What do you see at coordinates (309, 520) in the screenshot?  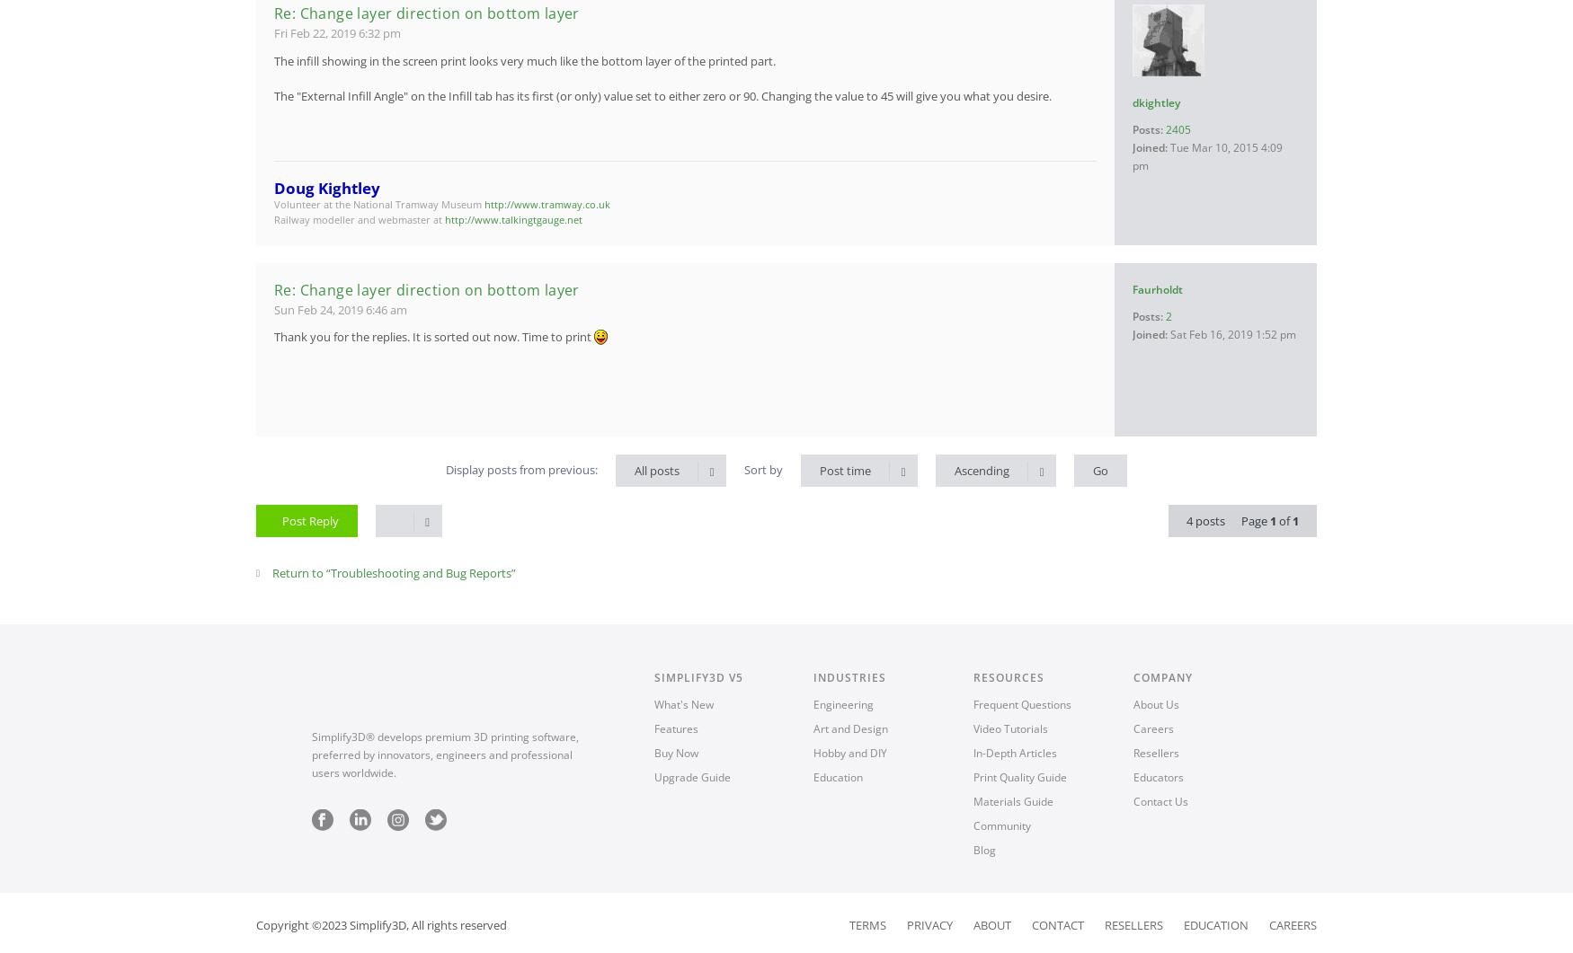 I see `'Post Reply'` at bounding box center [309, 520].